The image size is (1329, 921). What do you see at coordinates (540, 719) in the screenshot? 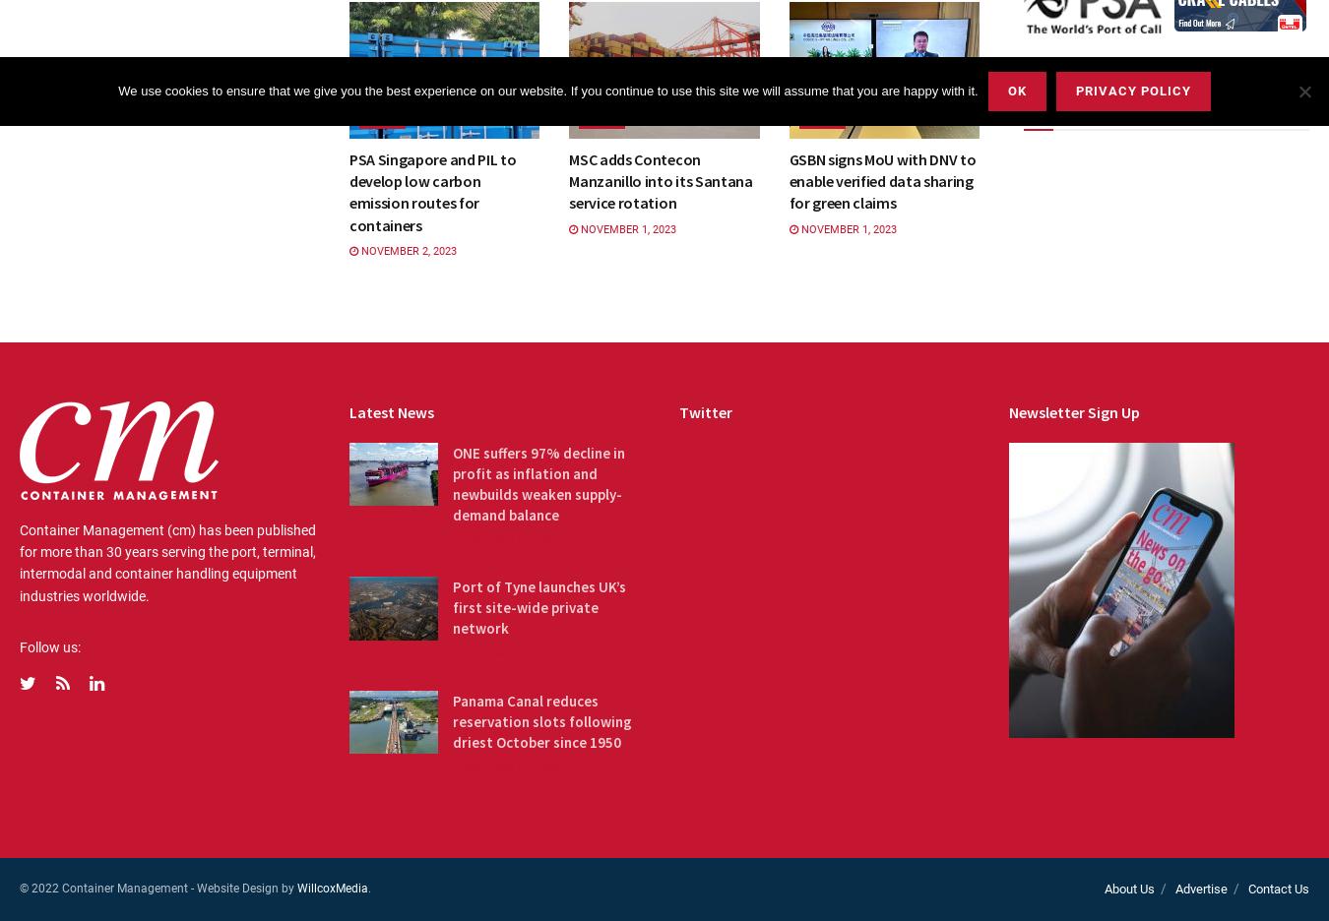
I see `'Panama Canal reduces reservation slots following driest October since 1950'` at bounding box center [540, 719].